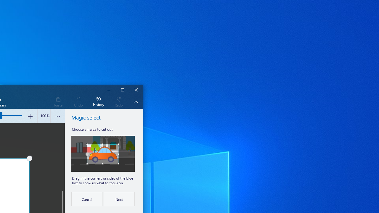 The image size is (379, 213). I want to click on 'View more options', so click(58, 116).